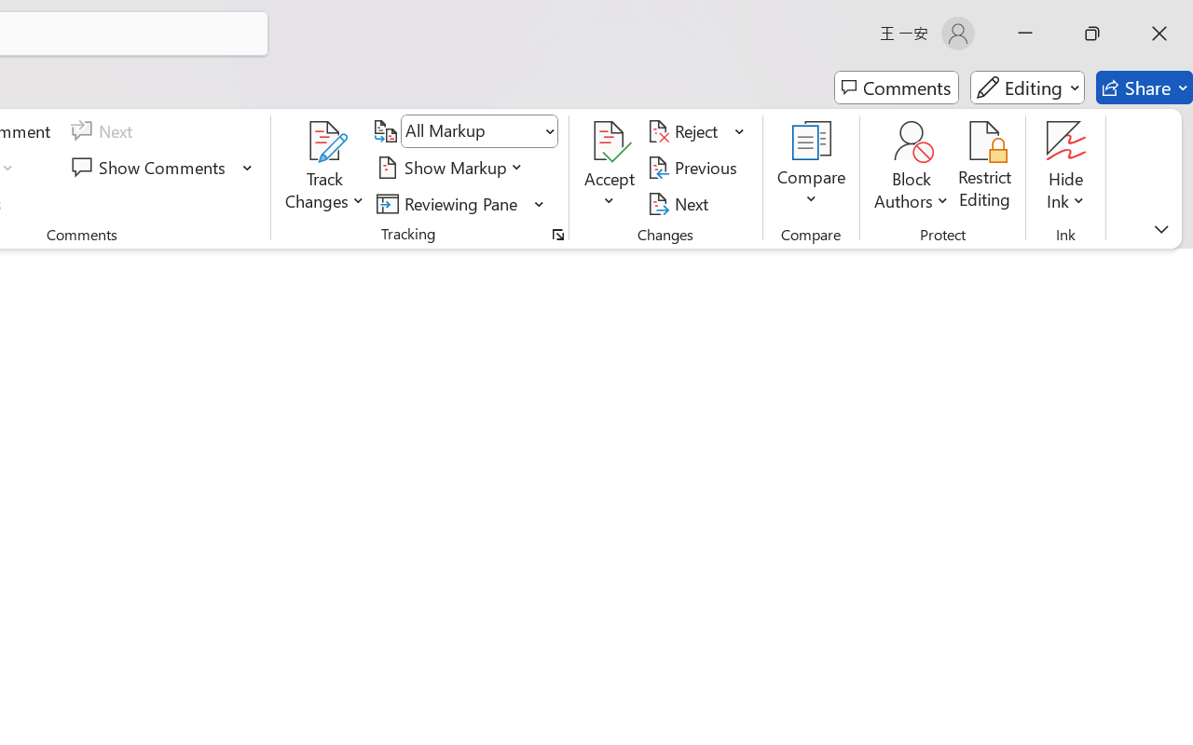  What do you see at coordinates (325, 167) in the screenshot?
I see `'Track Changes'` at bounding box center [325, 167].